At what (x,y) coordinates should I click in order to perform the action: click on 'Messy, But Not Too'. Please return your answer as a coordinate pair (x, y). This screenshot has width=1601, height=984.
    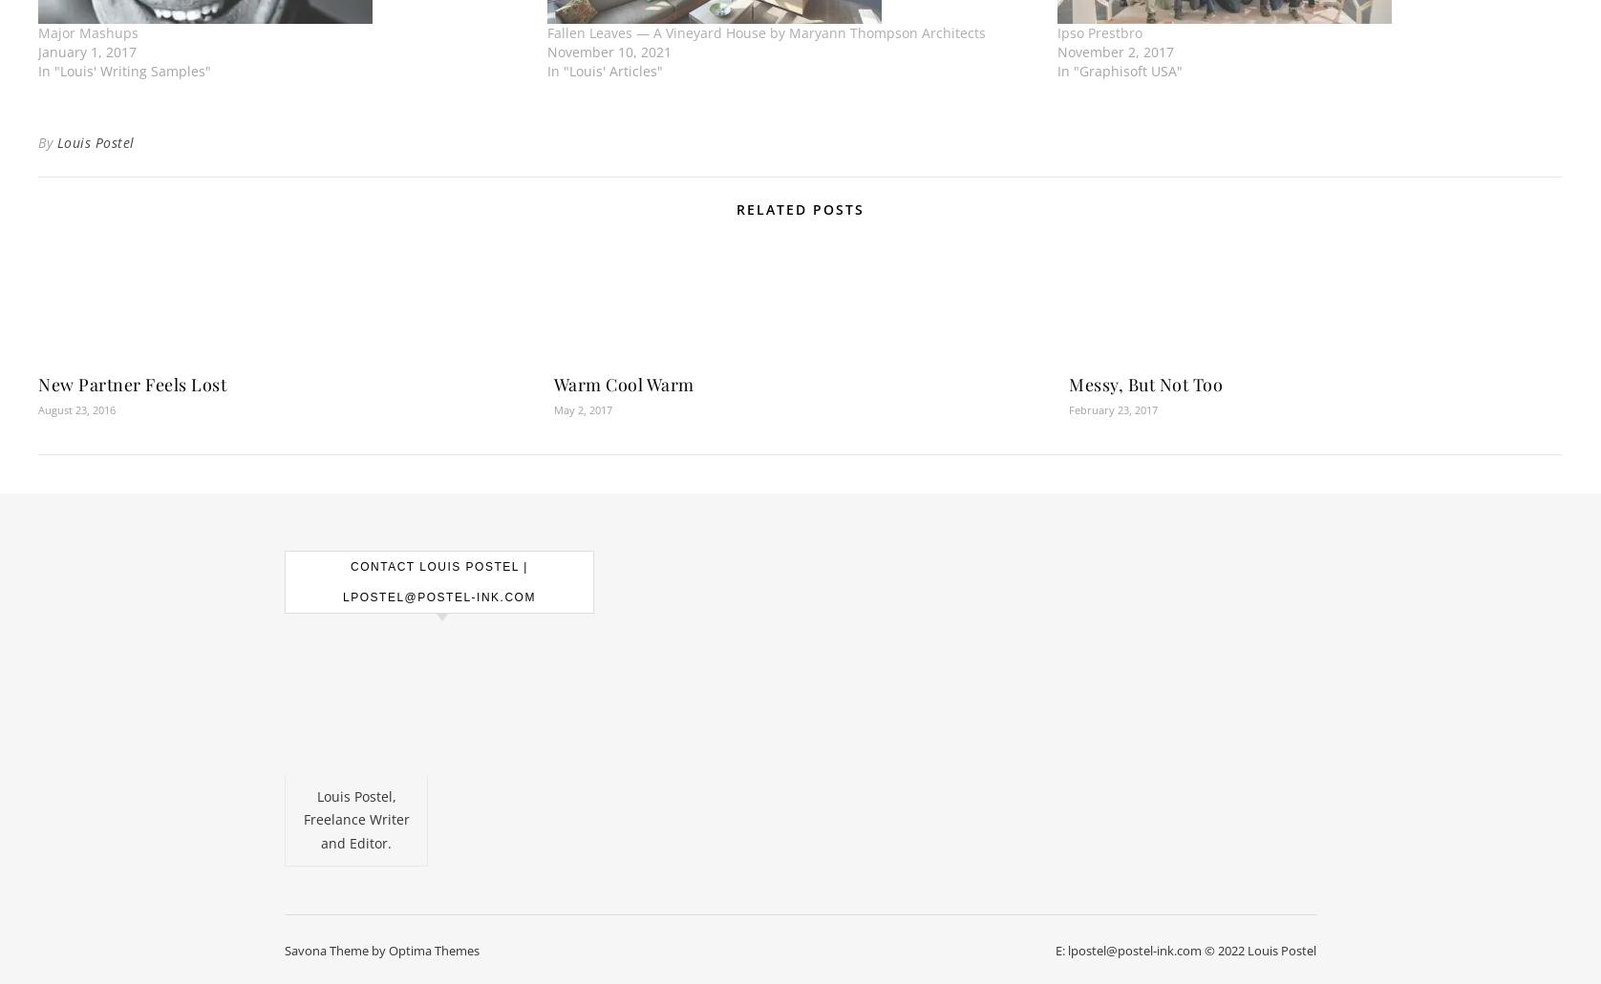
    Looking at the image, I should click on (1144, 384).